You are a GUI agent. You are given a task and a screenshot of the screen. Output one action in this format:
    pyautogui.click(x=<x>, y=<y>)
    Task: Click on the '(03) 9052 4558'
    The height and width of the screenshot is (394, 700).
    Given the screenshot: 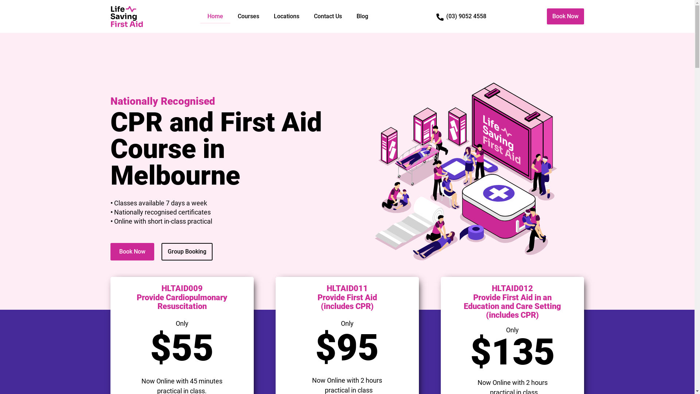 What is the action you would take?
    pyautogui.click(x=446, y=16)
    